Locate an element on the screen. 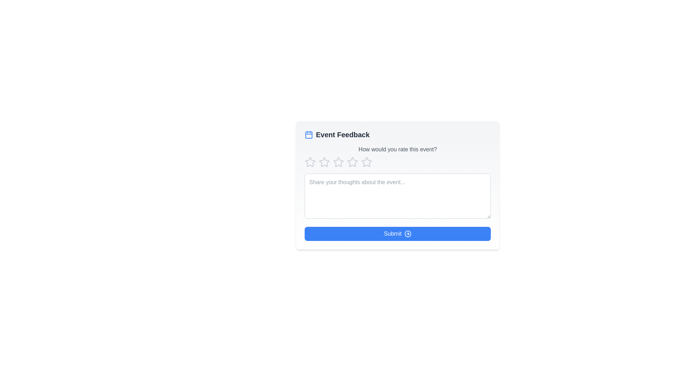 The height and width of the screenshot is (381, 677). the small blue calendar icon located to the left of the 'Event Feedback' text in the header area of the feedback form is located at coordinates (309, 134).